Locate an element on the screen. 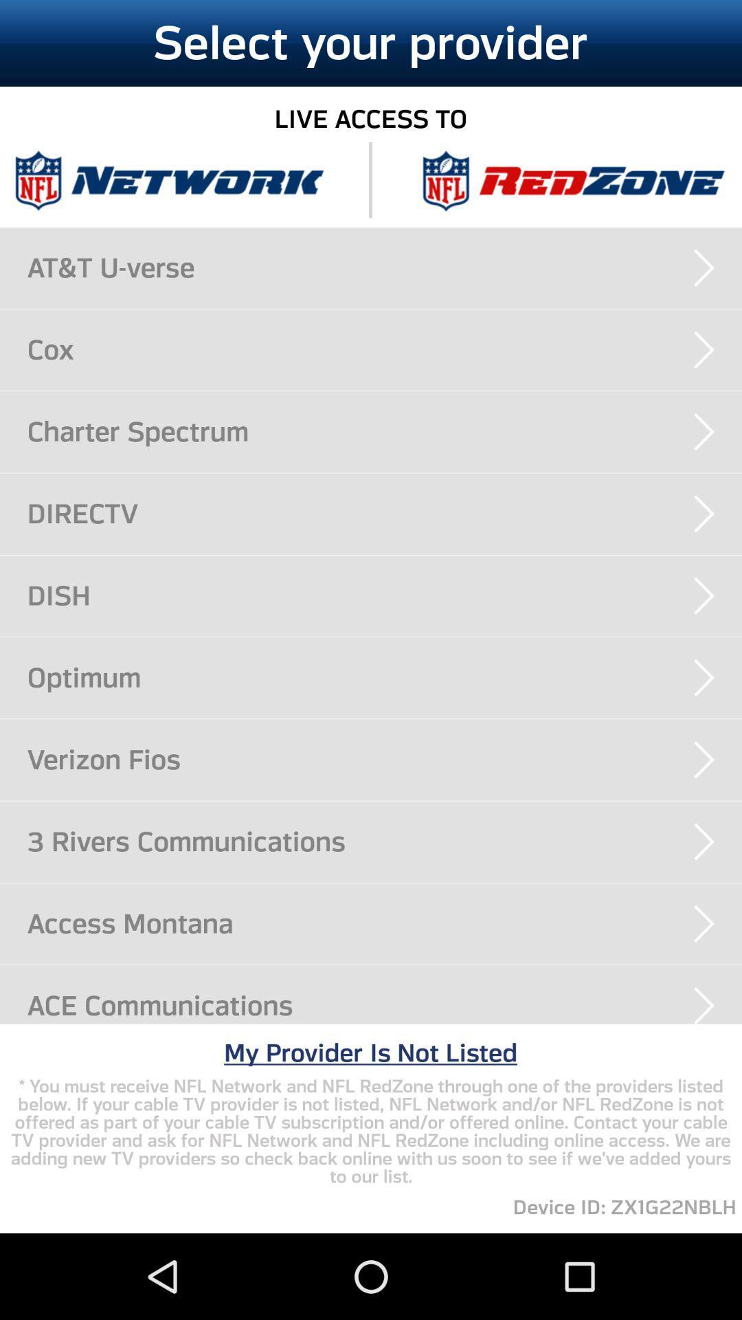 The width and height of the screenshot is (742, 1320). charter spectrum app is located at coordinates (384, 431).